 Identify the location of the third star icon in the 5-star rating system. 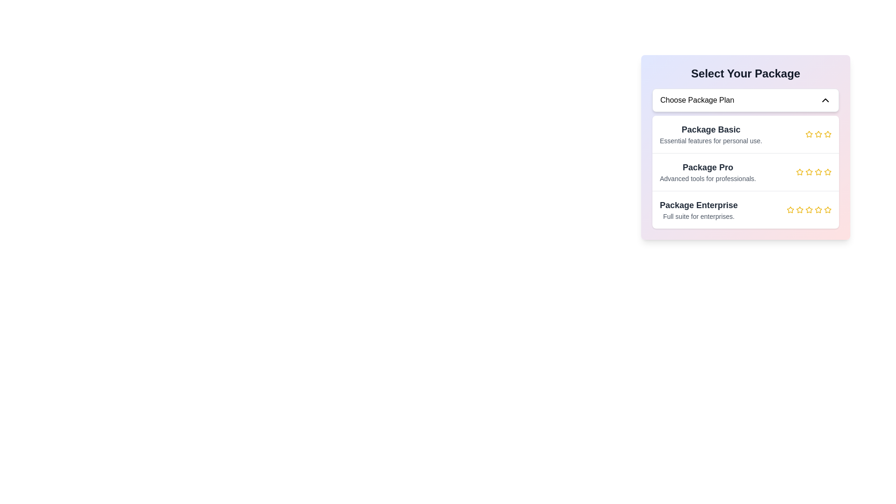
(799, 209).